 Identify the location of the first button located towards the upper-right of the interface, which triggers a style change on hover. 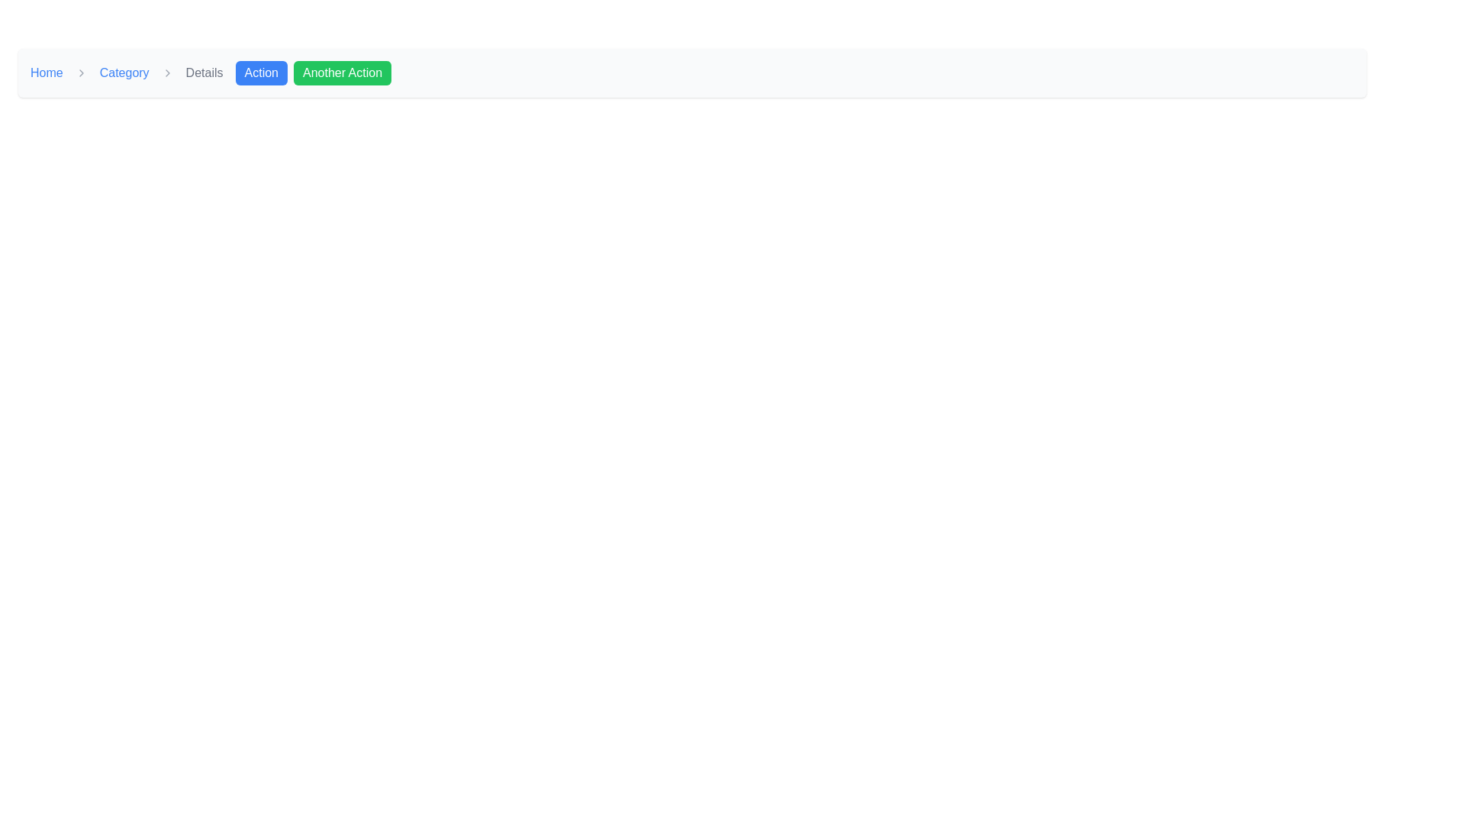
(261, 73).